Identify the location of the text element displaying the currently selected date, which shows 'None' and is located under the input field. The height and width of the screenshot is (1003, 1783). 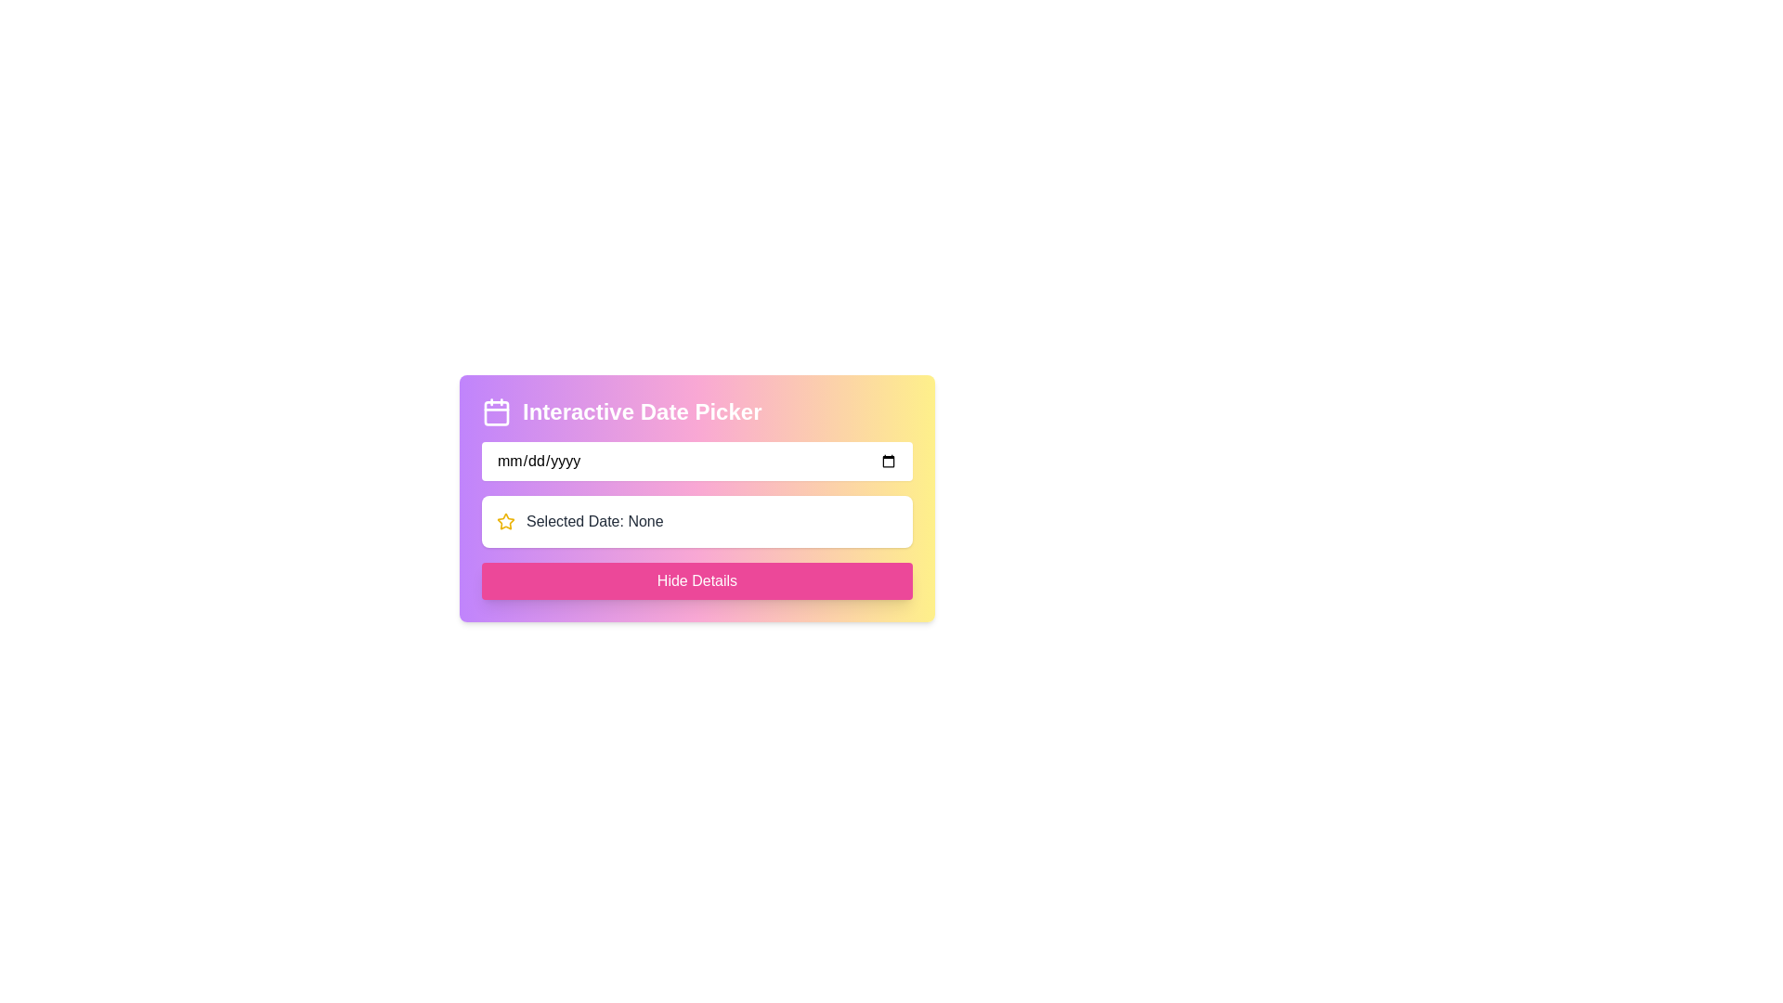
(645, 521).